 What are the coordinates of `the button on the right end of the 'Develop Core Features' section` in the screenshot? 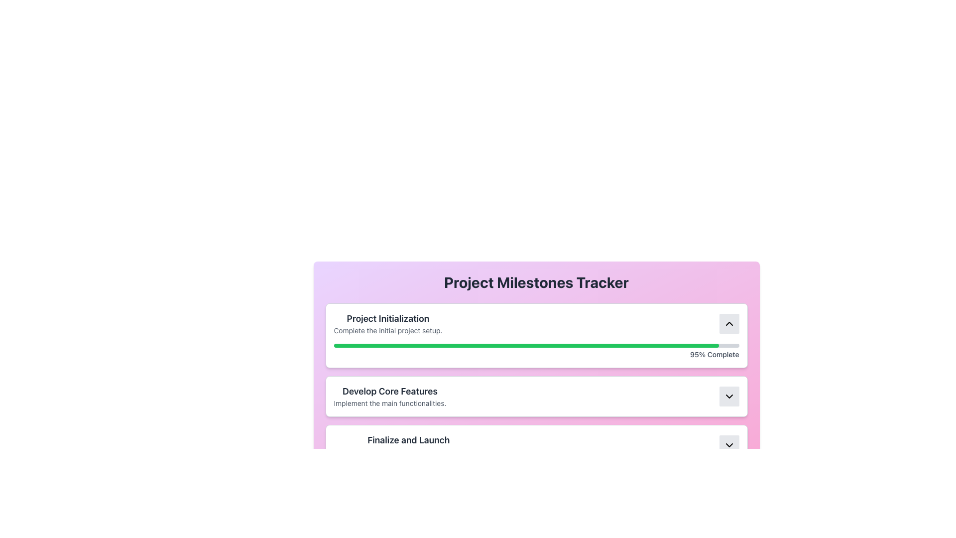 It's located at (729, 396).